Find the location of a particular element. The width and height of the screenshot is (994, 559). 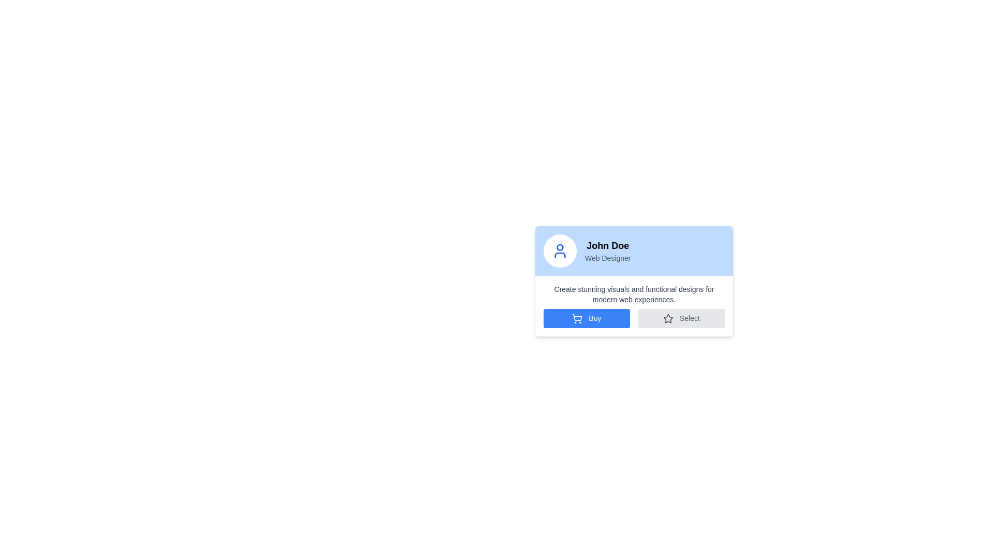

the non-interactive text label providing additional information about 'John Doe', which is positioned directly below the name and is centrally aligned is located at coordinates (608, 257).